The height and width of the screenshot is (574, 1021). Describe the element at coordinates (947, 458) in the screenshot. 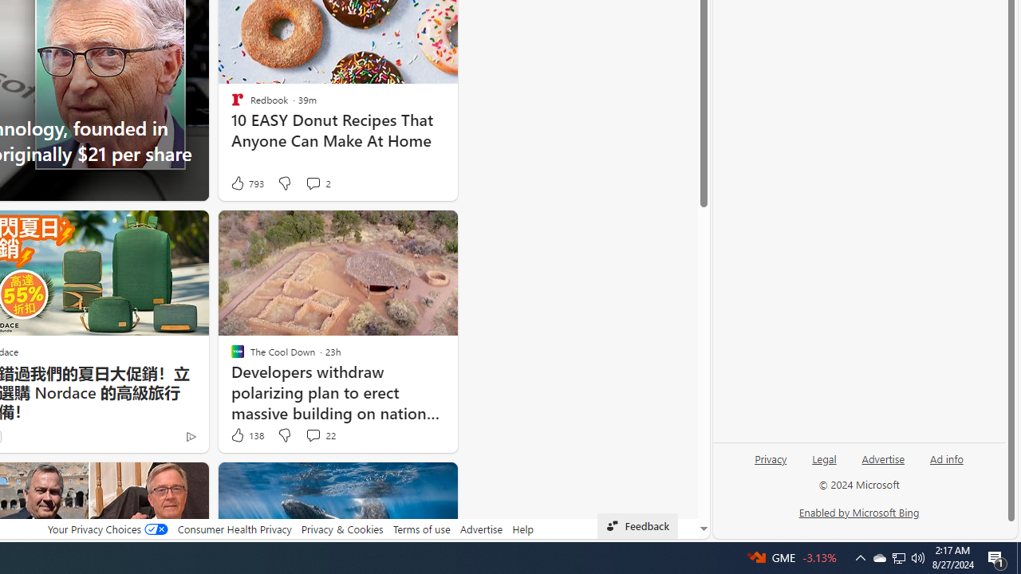

I see `'Ad info'` at that location.